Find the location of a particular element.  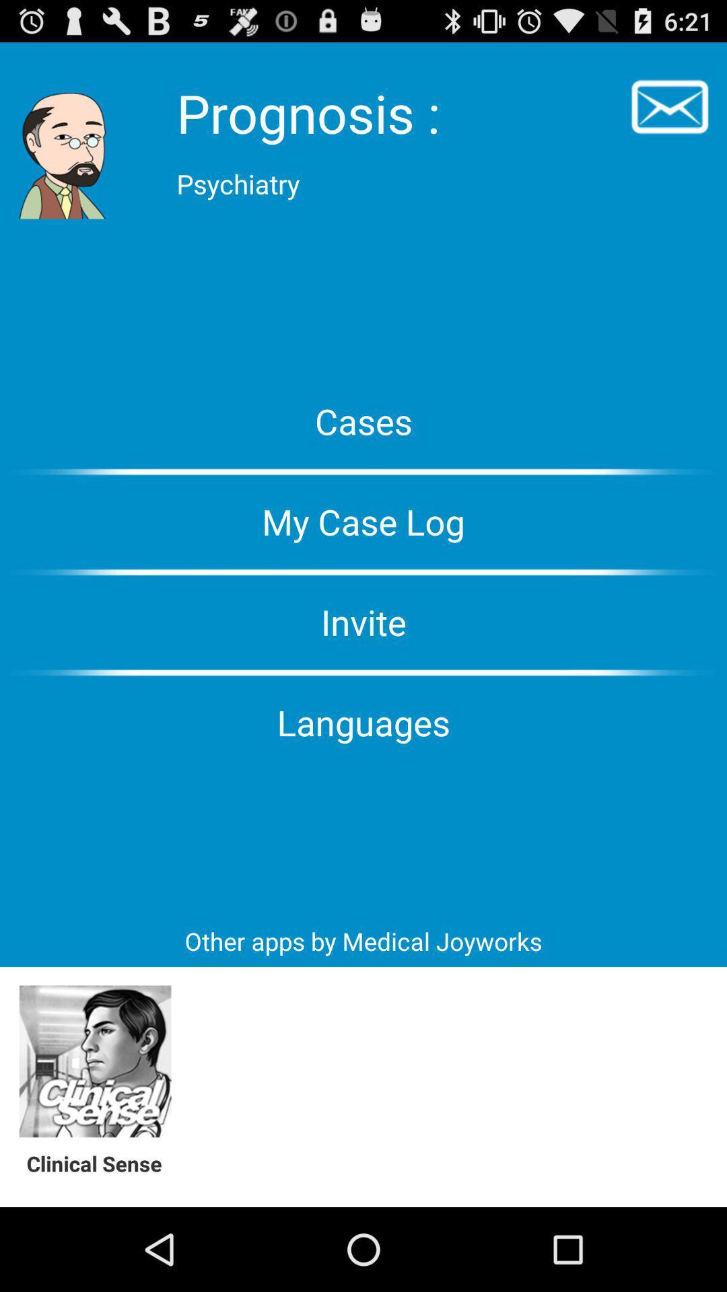

icon above clinical sense is located at coordinates (94, 1061).